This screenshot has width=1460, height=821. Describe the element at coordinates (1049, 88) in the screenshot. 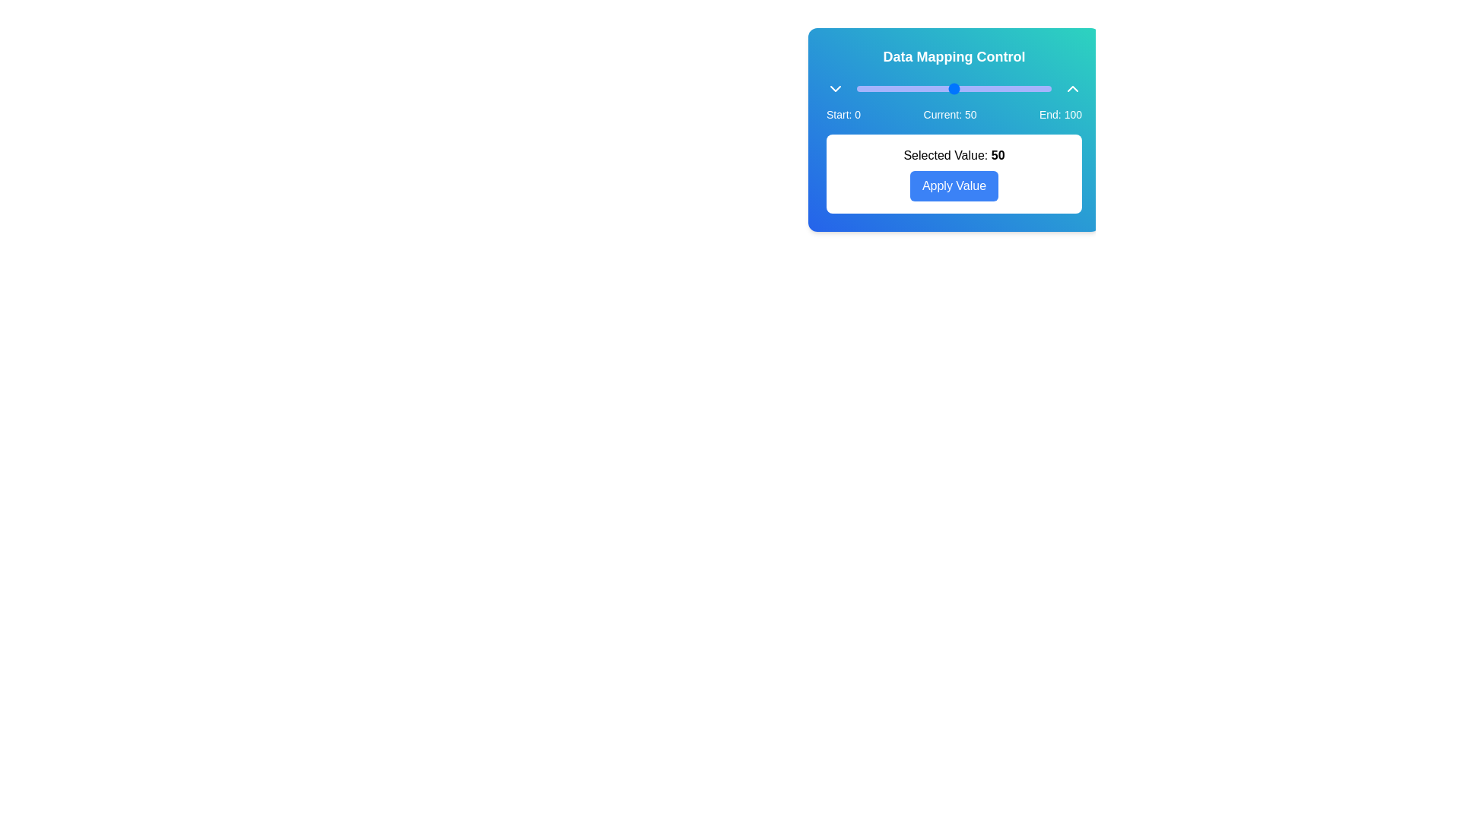

I see `the slider` at that location.